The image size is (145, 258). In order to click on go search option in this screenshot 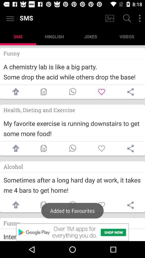, I will do `click(126, 19)`.